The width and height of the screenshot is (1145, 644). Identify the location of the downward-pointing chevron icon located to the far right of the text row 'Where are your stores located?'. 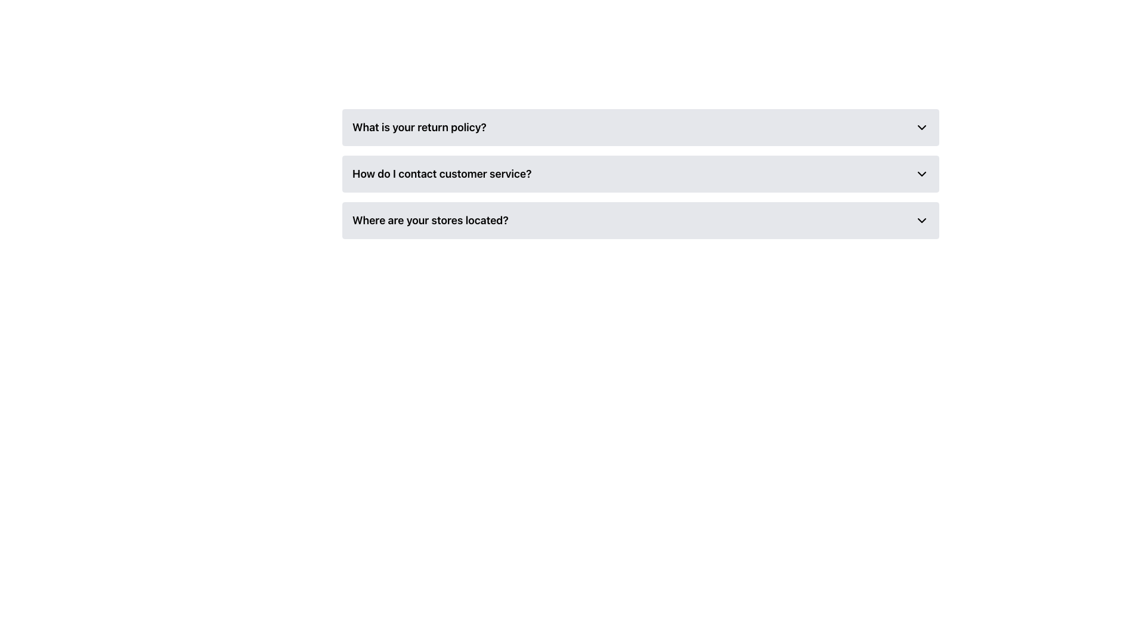
(921, 221).